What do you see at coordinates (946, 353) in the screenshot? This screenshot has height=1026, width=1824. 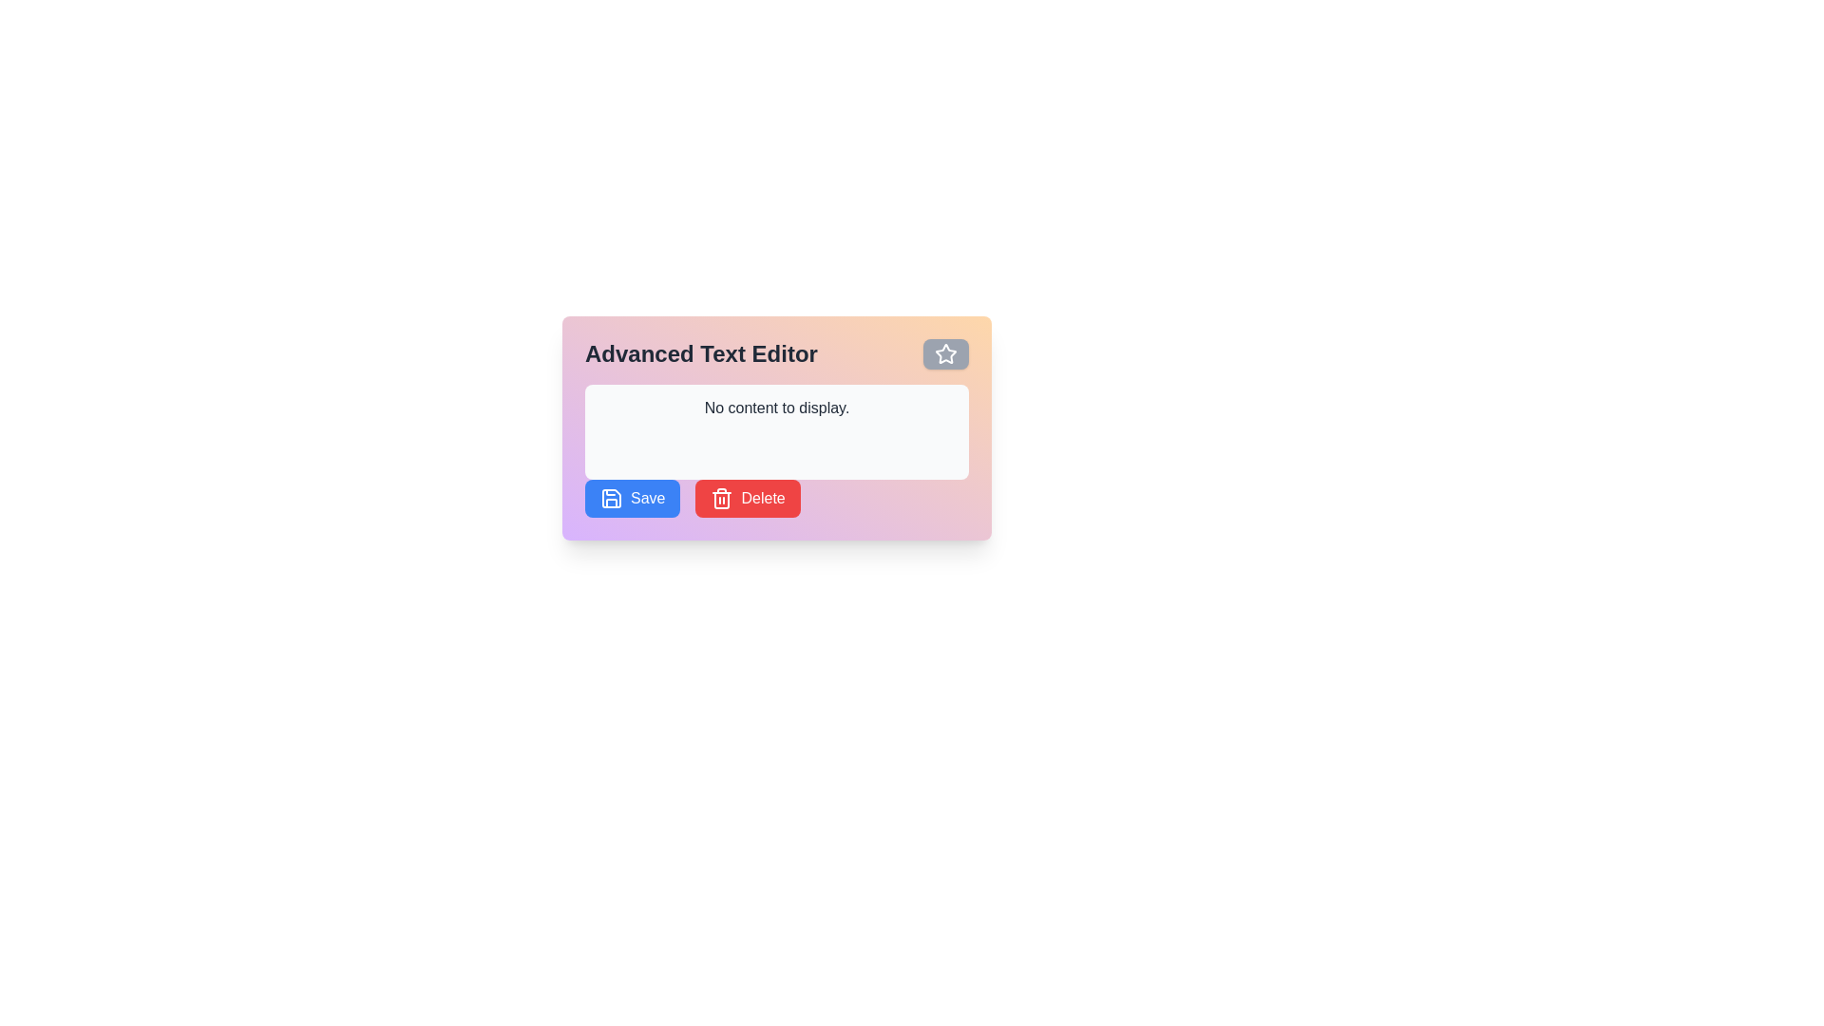 I see `the star-shaped icon with a gray outline located in the top-right corner of the dialog box next to the 'Advanced Text Editor' title` at bounding box center [946, 353].